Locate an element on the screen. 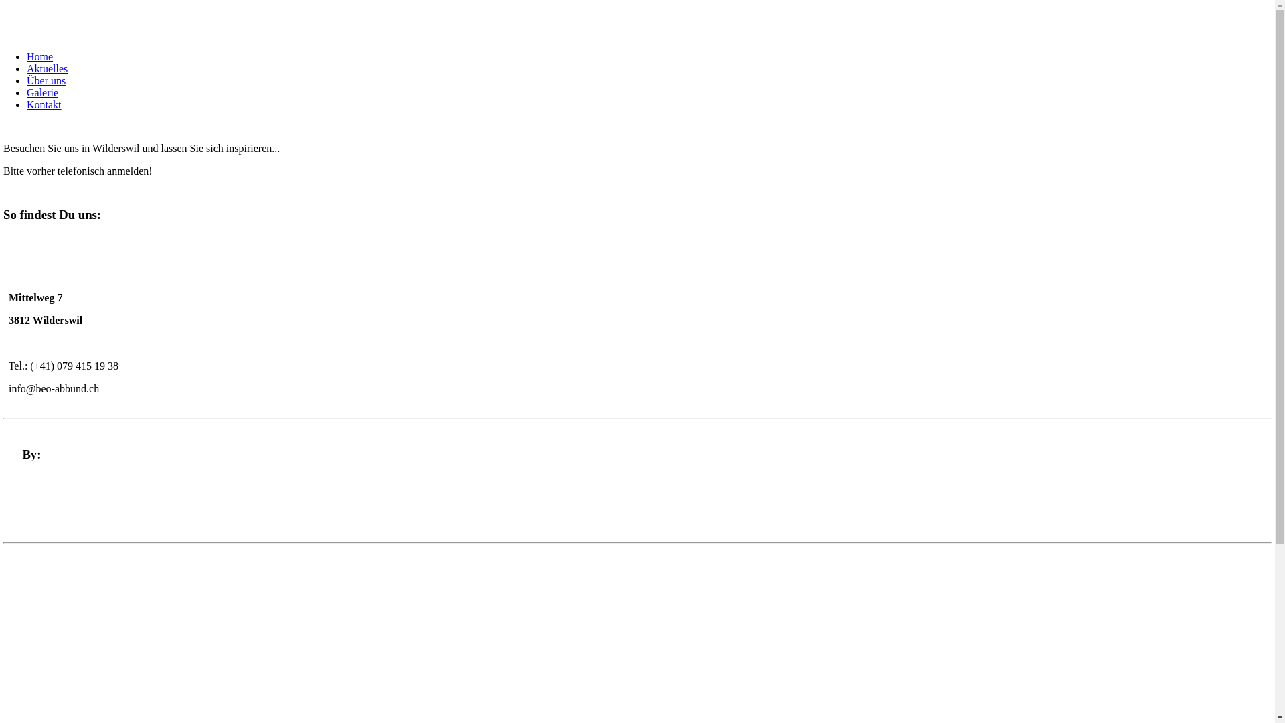 The width and height of the screenshot is (1285, 723). 'Kontakt' is located at coordinates (44, 104).